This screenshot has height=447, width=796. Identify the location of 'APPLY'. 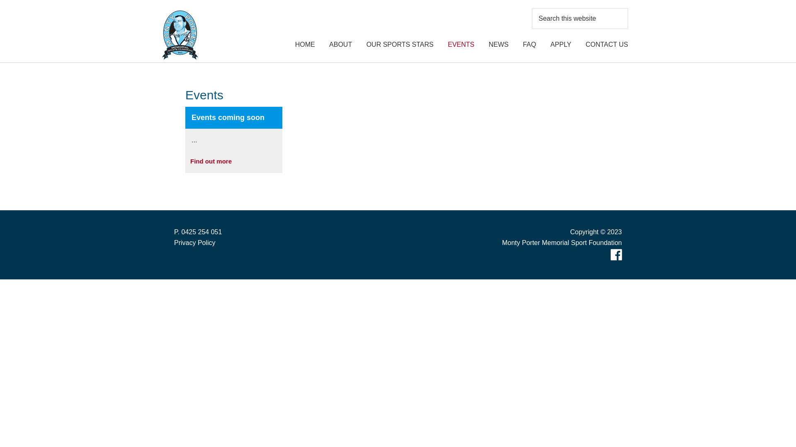
(544, 45).